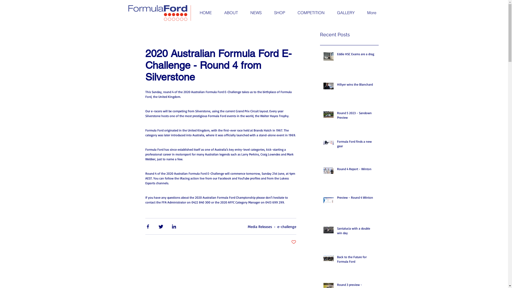 Image resolution: width=512 pixels, height=288 pixels. Describe the element at coordinates (311, 12) in the screenshot. I see `'COMPETITION'` at that location.